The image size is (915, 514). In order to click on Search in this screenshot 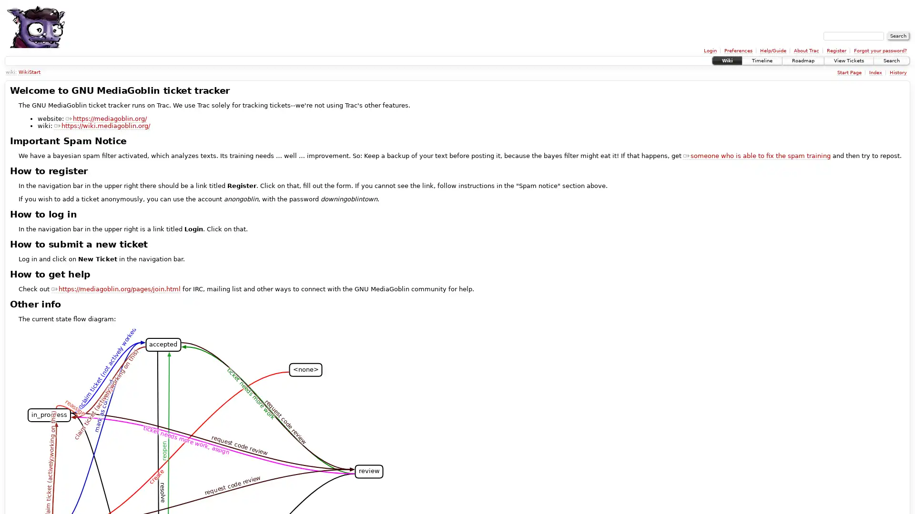, I will do `click(898, 36)`.